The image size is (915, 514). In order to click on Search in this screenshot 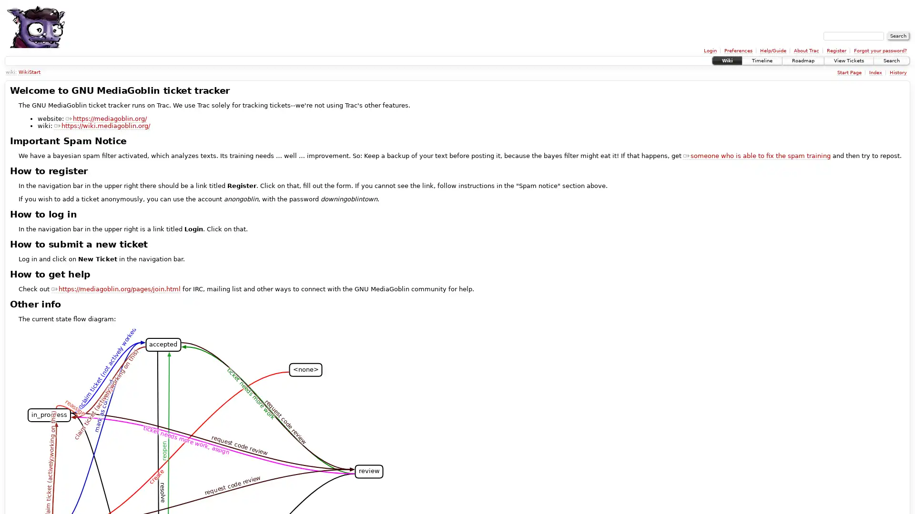, I will do `click(898, 36)`.